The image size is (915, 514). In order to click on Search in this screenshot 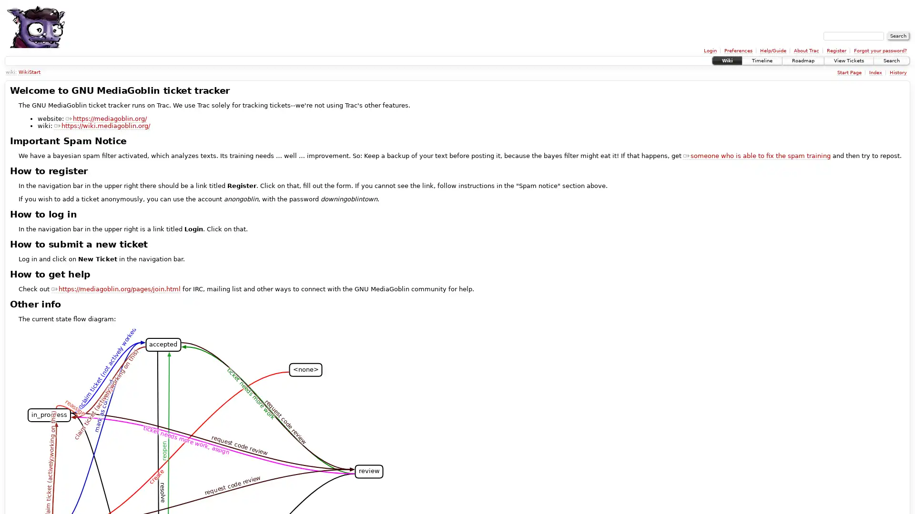, I will do `click(898, 36)`.